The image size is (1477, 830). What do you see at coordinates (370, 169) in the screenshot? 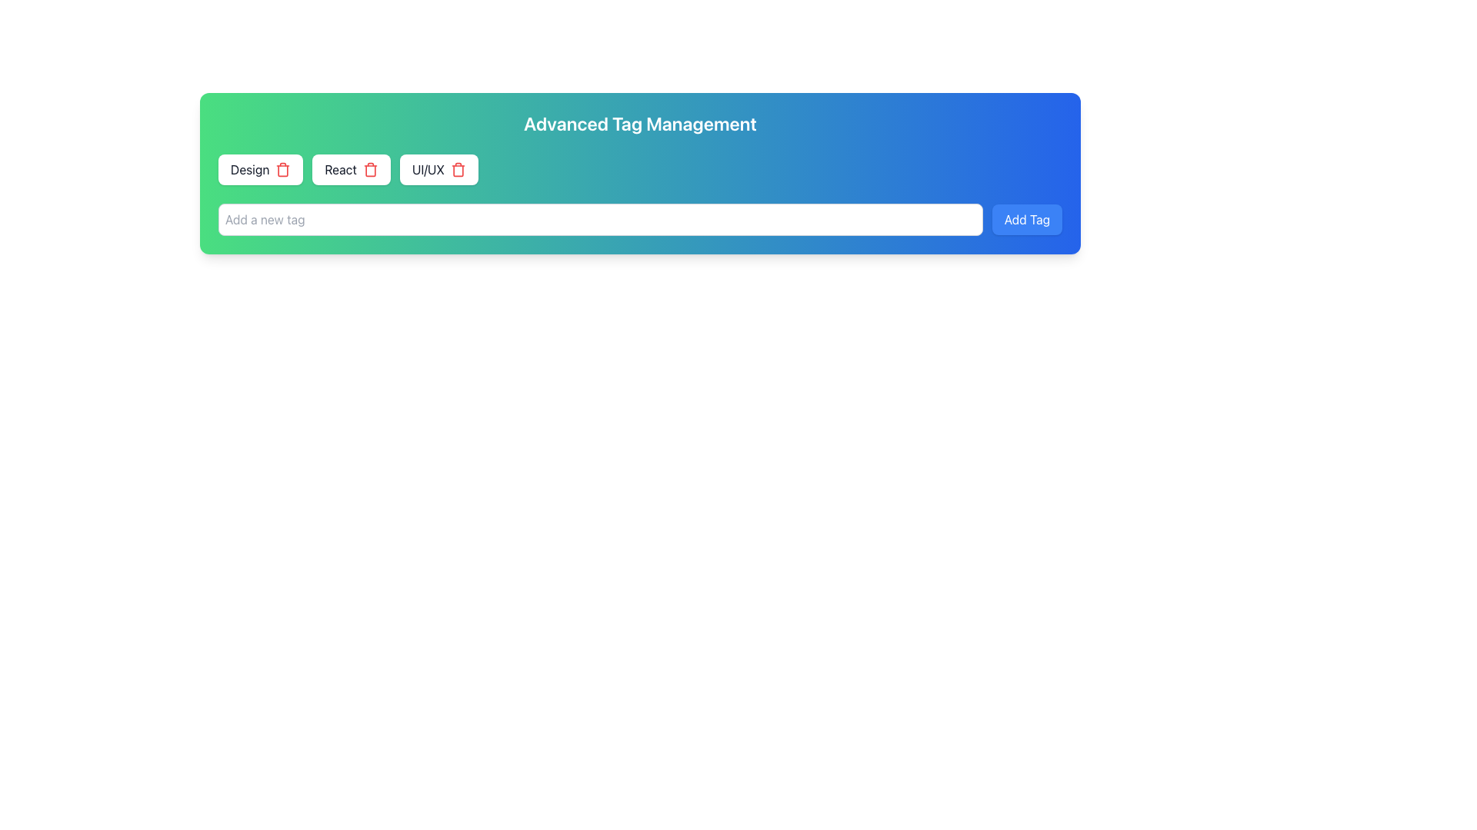
I see `the red trash icon located to the right of the 'React' tag in the horizontal row of tags for interaction` at bounding box center [370, 169].